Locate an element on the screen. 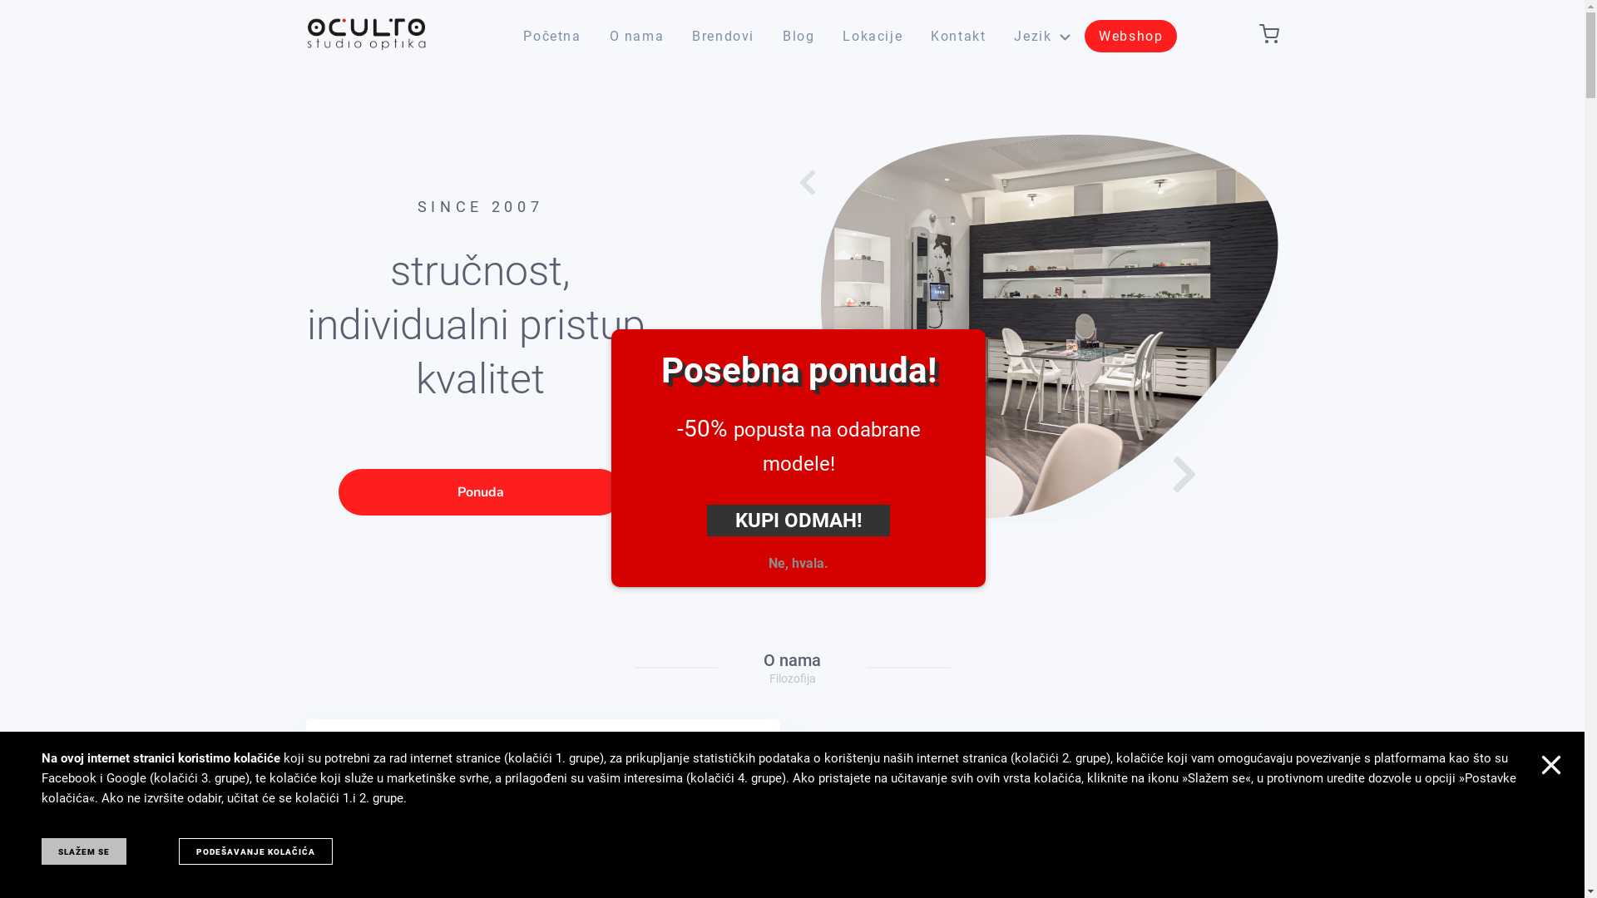 The height and width of the screenshot is (898, 1597). 'Blog' is located at coordinates (798, 36).